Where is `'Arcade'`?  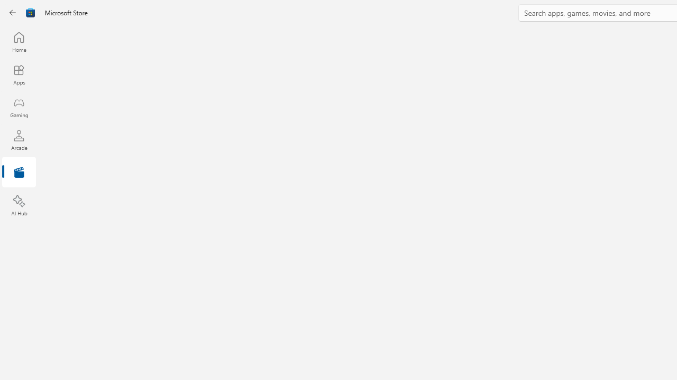
'Arcade' is located at coordinates (19, 139).